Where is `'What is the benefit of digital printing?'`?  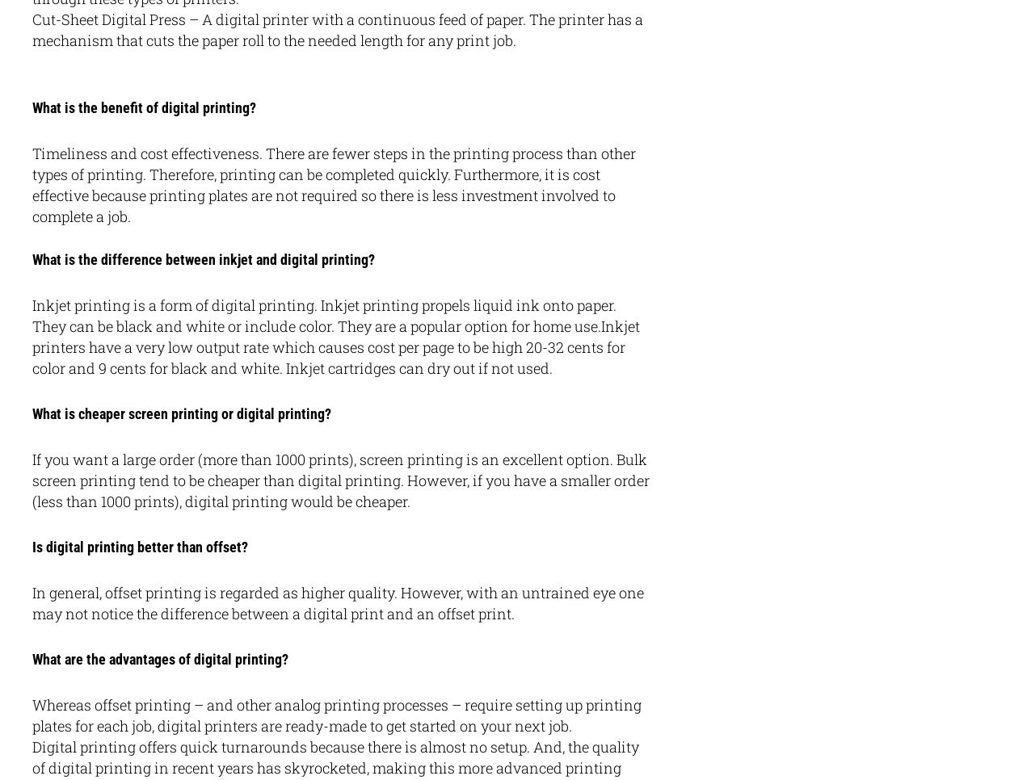 'What is the benefit of digital printing?' is located at coordinates (144, 107).